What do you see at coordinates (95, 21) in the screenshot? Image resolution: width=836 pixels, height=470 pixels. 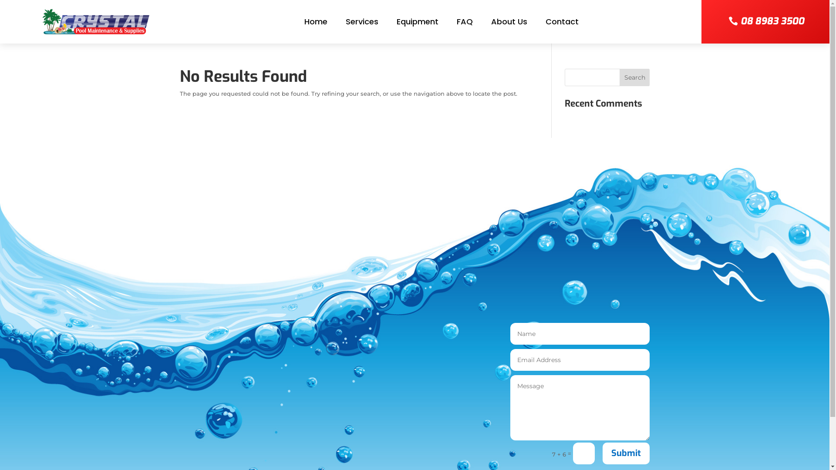 I see `'logo-800w'` at bounding box center [95, 21].